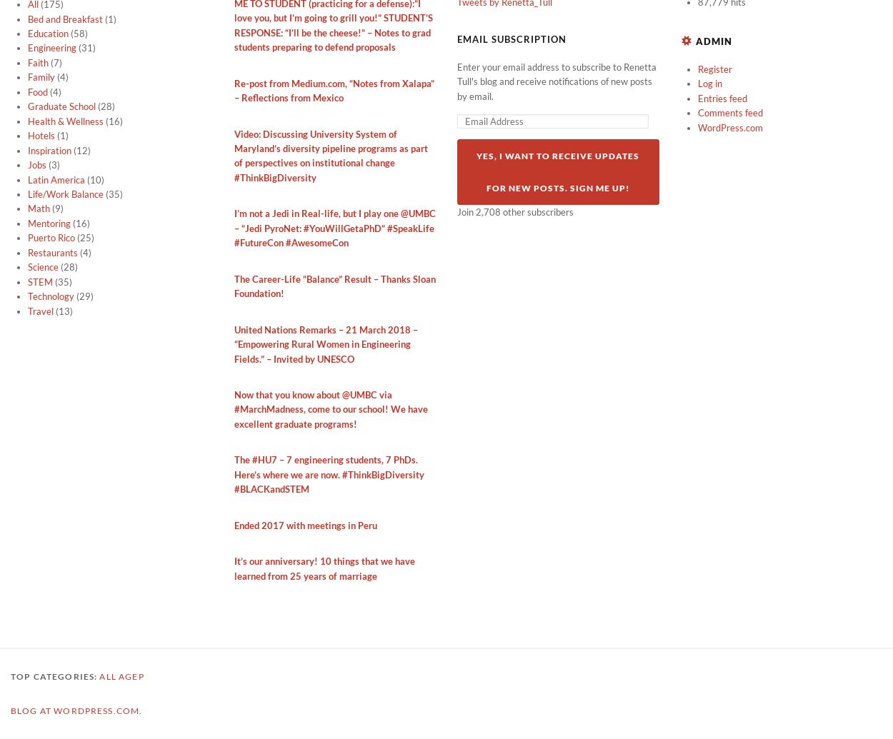  Describe the element at coordinates (712, 41) in the screenshot. I see `'Admin'` at that location.